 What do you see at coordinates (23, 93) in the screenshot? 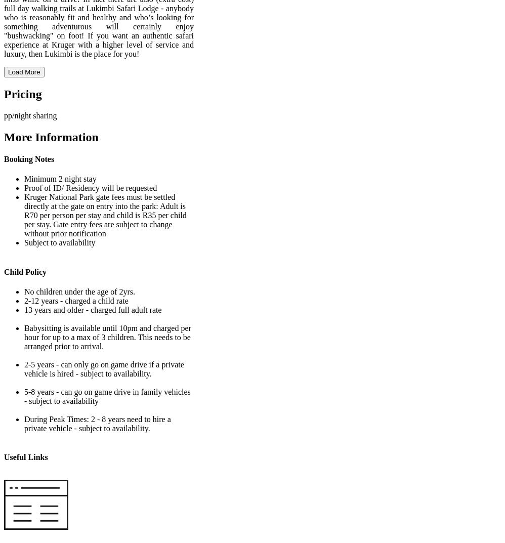
I see `'Pricing'` at bounding box center [23, 93].